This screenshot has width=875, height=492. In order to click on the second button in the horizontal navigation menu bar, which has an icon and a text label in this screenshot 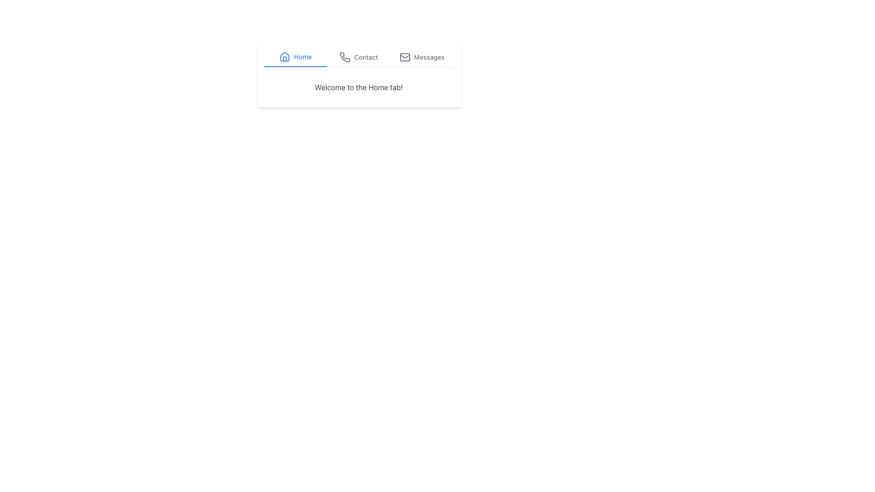, I will do `click(358, 57)`.